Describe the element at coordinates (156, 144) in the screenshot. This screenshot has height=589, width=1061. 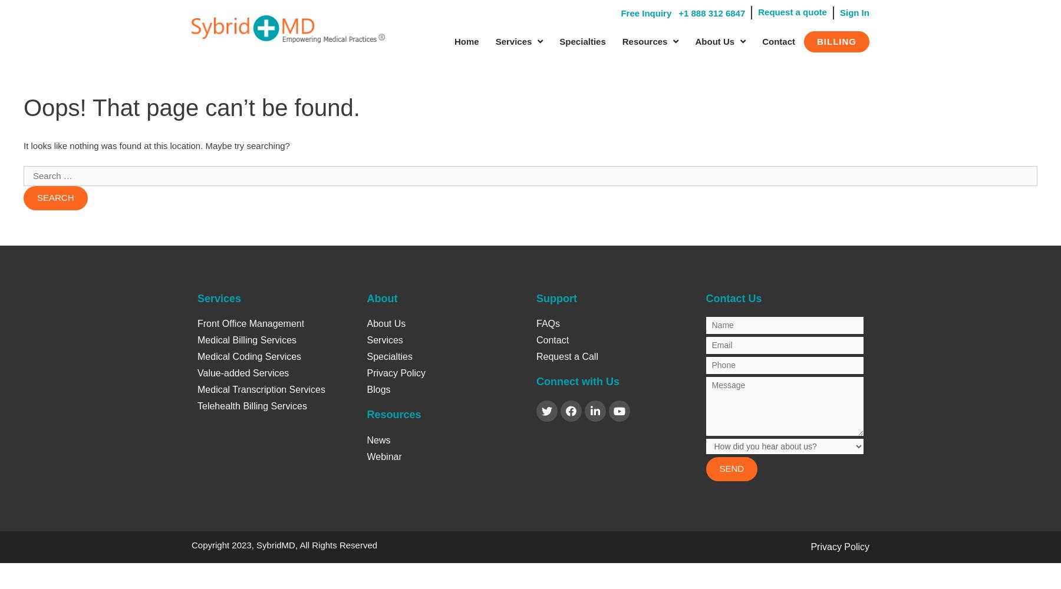
I see `'It looks like nothing was found at this location. Maybe try searching?'` at that location.